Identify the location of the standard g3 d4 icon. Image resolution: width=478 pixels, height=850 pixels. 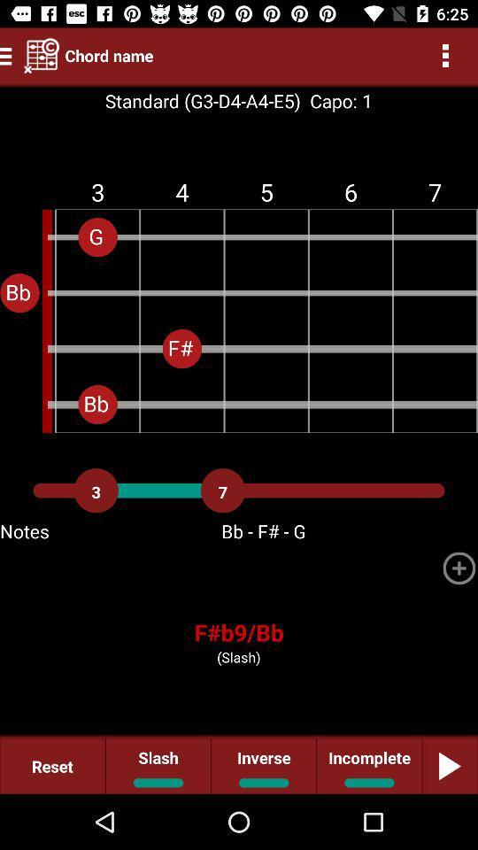
(202, 101).